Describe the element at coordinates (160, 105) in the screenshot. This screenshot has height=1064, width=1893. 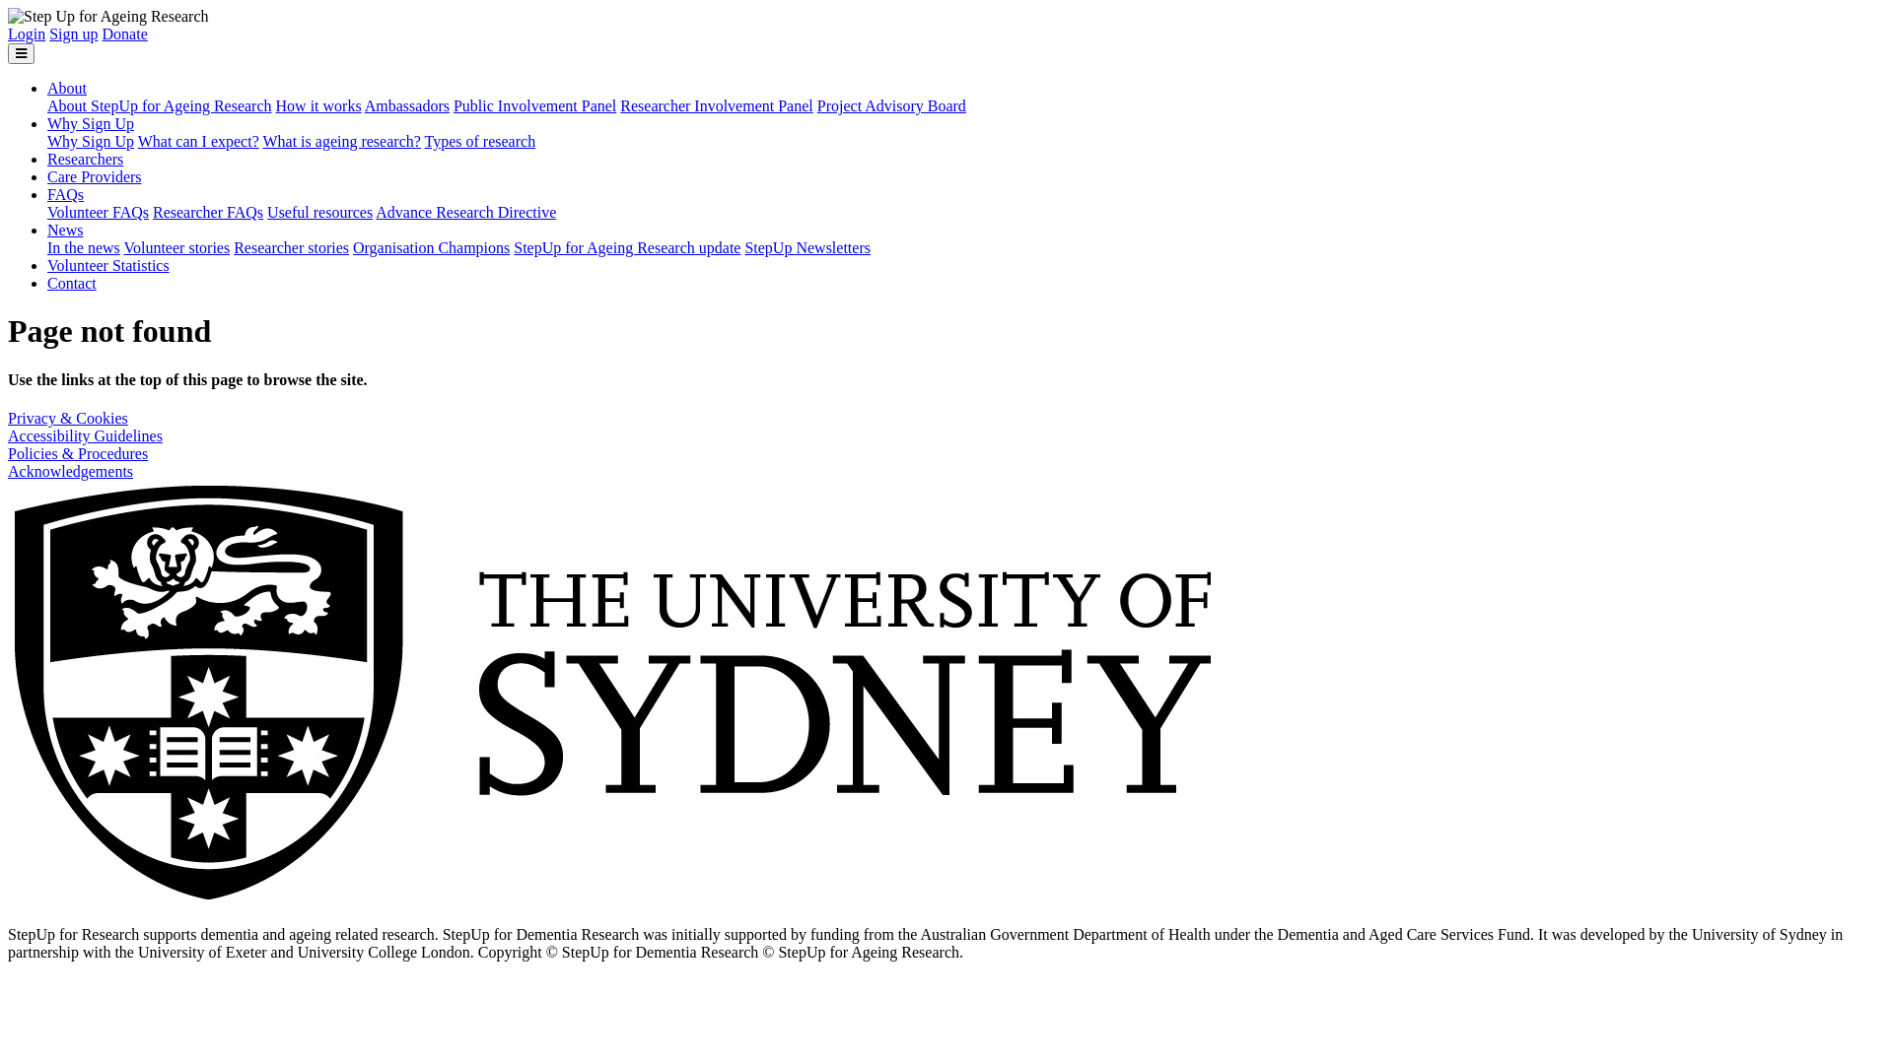
I see `'About StepUp for Ageing Research'` at that location.